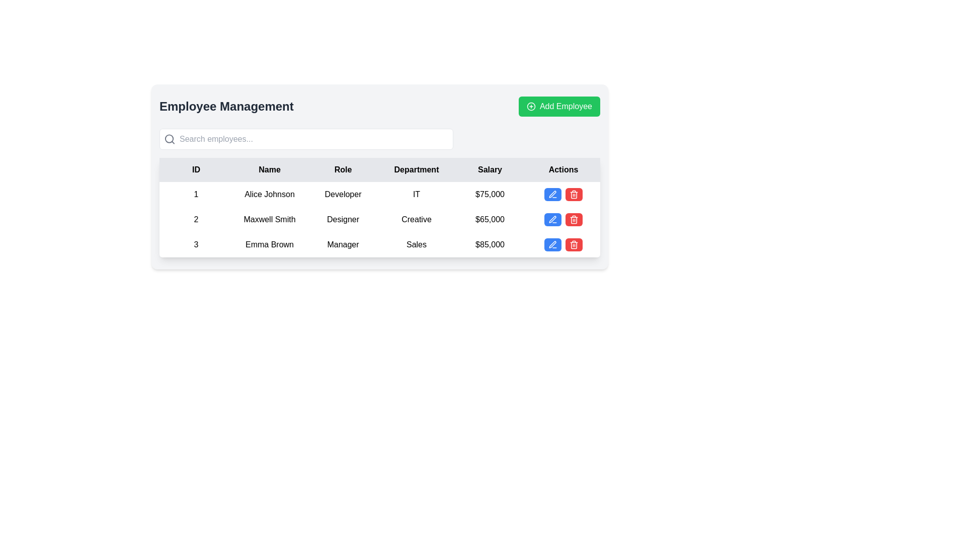  What do you see at coordinates (169, 139) in the screenshot?
I see `the graphical circle element representing the lens of the magnifying glass in the search icon located to the left of the 'Search employees...' input box in the Employee Management section` at bounding box center [169, 139].